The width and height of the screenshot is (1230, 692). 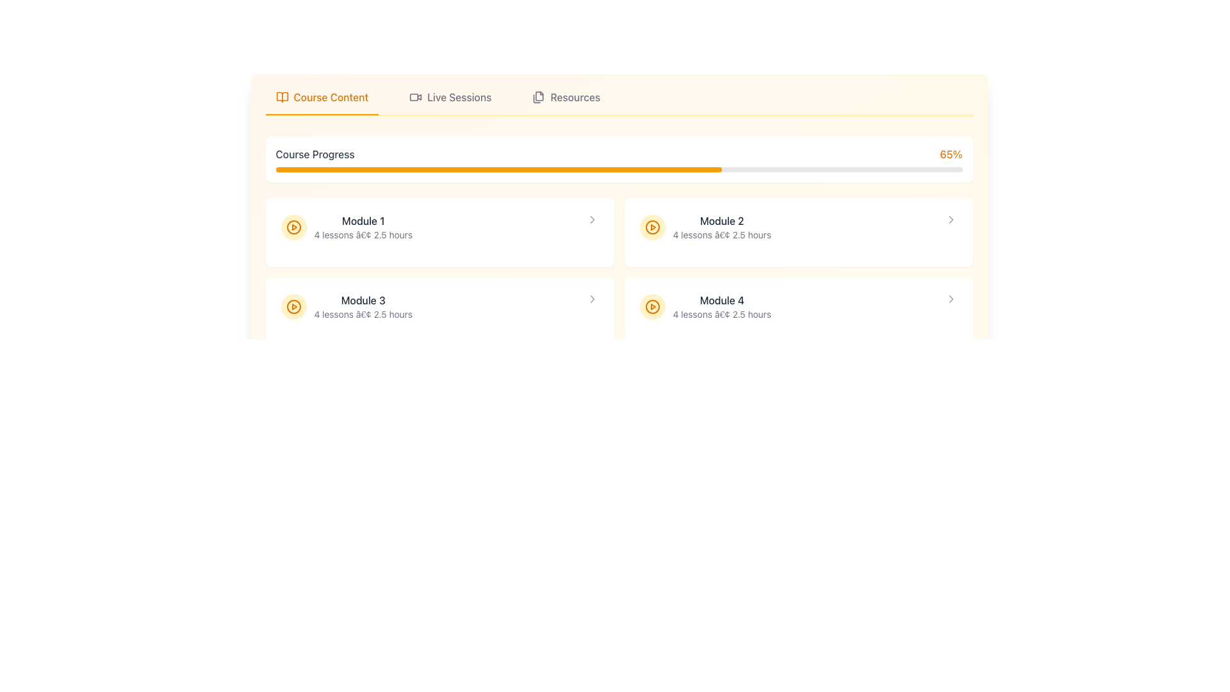 I want to click on the progress bar that visually represents course completion, located in the 'Course Progress' section below the label 'Course Progress' and the percentage indicator '65%, so click(x=619, y=169).